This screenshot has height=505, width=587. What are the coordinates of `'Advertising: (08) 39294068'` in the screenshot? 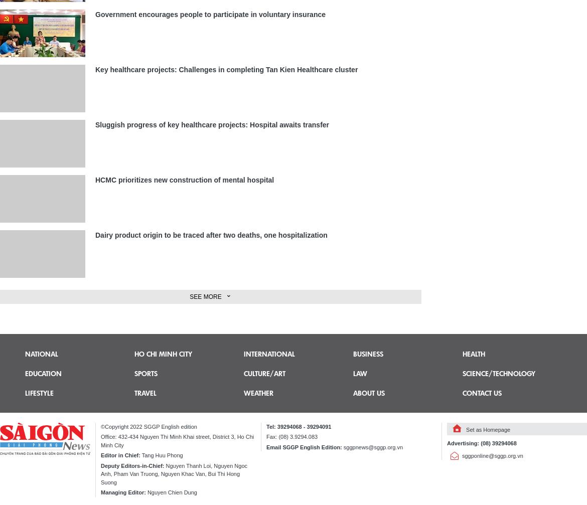 It's located at (481, 443).